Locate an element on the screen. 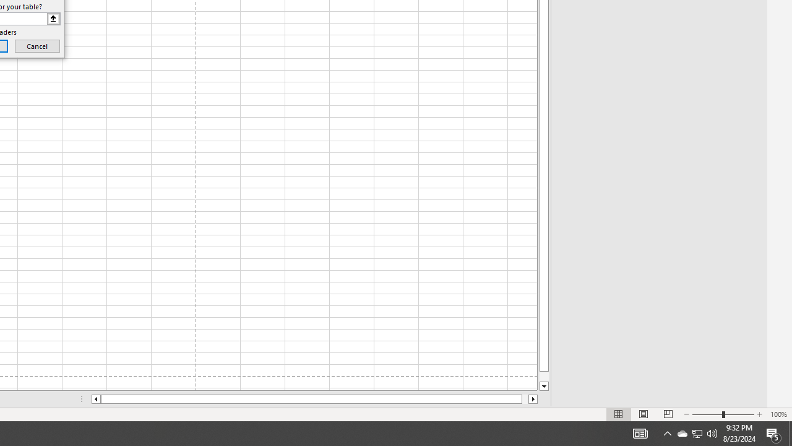 The height and width of the screenshot is (446, 792). 'Page down' is located at coordinates (544, 376).